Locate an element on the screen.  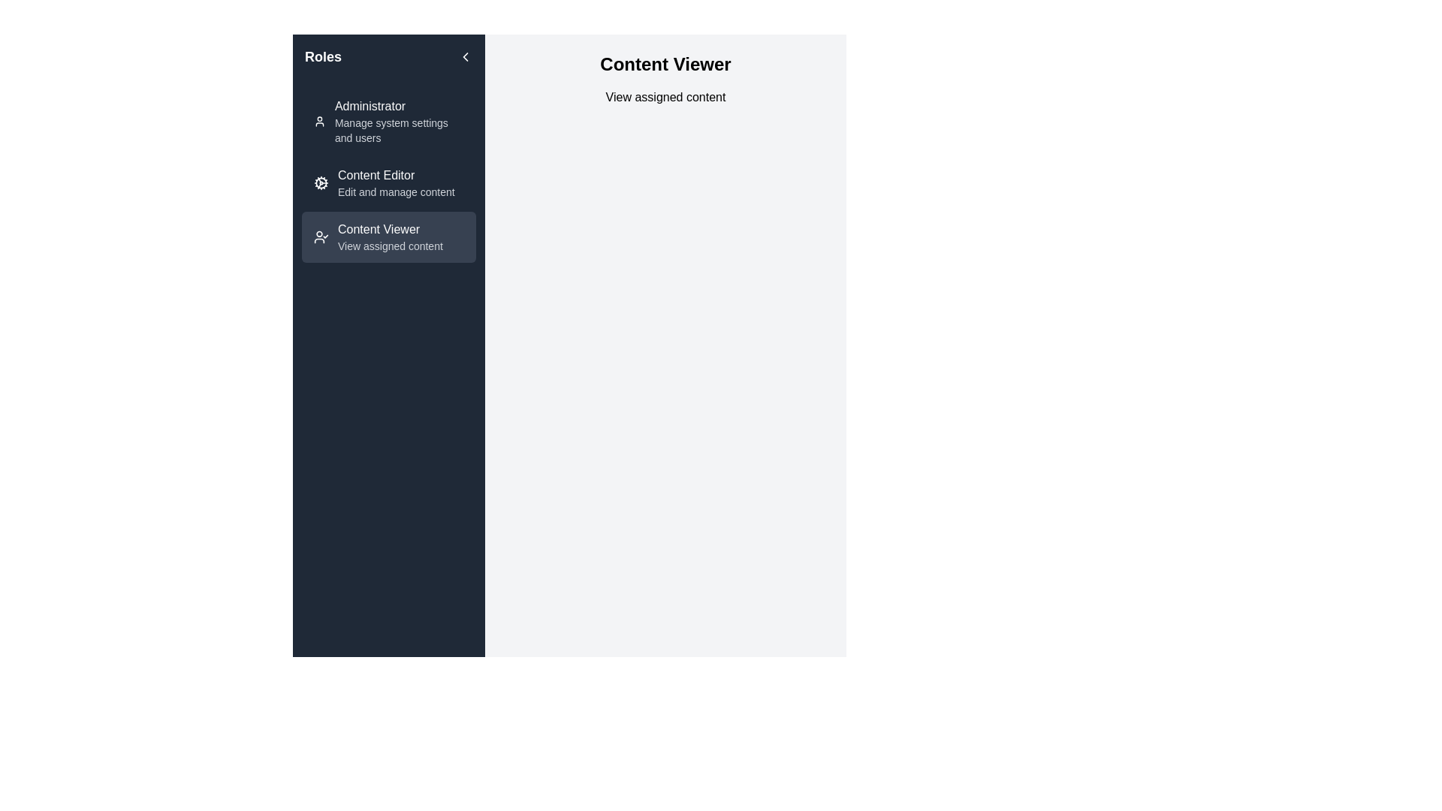
the 'Content Editor' text label, which is rendered in medium-weight font and is positioned is located at coordinates (396, 175).